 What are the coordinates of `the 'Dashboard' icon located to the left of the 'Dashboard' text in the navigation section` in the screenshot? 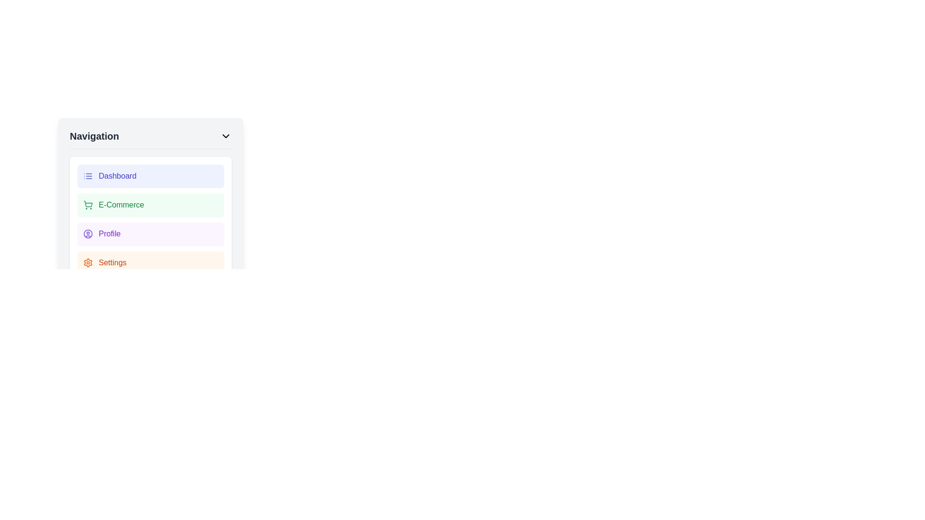 It's located at (88, 176).